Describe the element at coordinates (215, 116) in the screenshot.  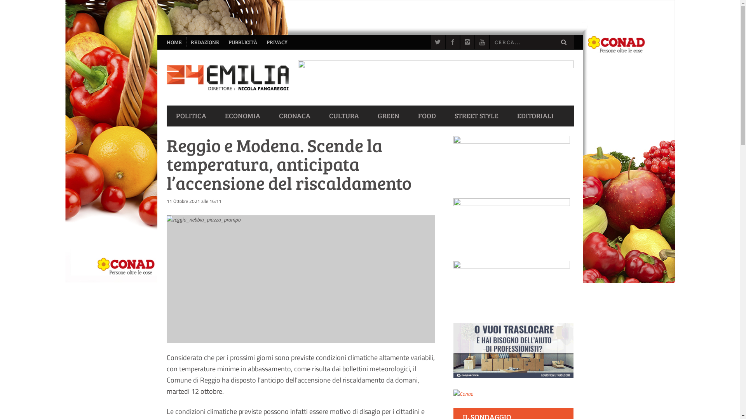
I see `'ECONOMIA'` at that location.